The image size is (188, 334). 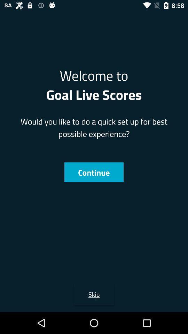 What do you see at coordinates (94, 172) in the screenshot?
I see `the icon above skip icon` at bounding box center [94, 172].